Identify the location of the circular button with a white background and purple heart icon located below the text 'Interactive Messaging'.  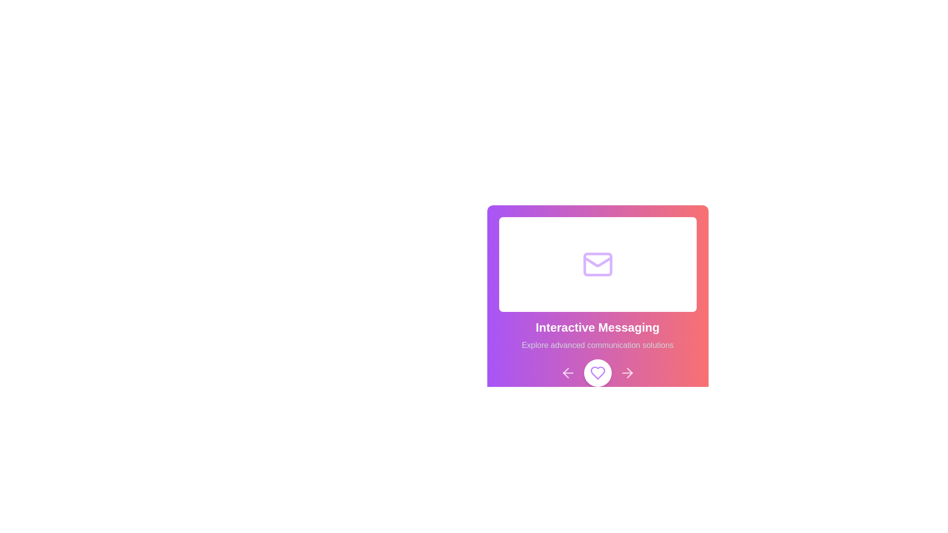
(597, 373).